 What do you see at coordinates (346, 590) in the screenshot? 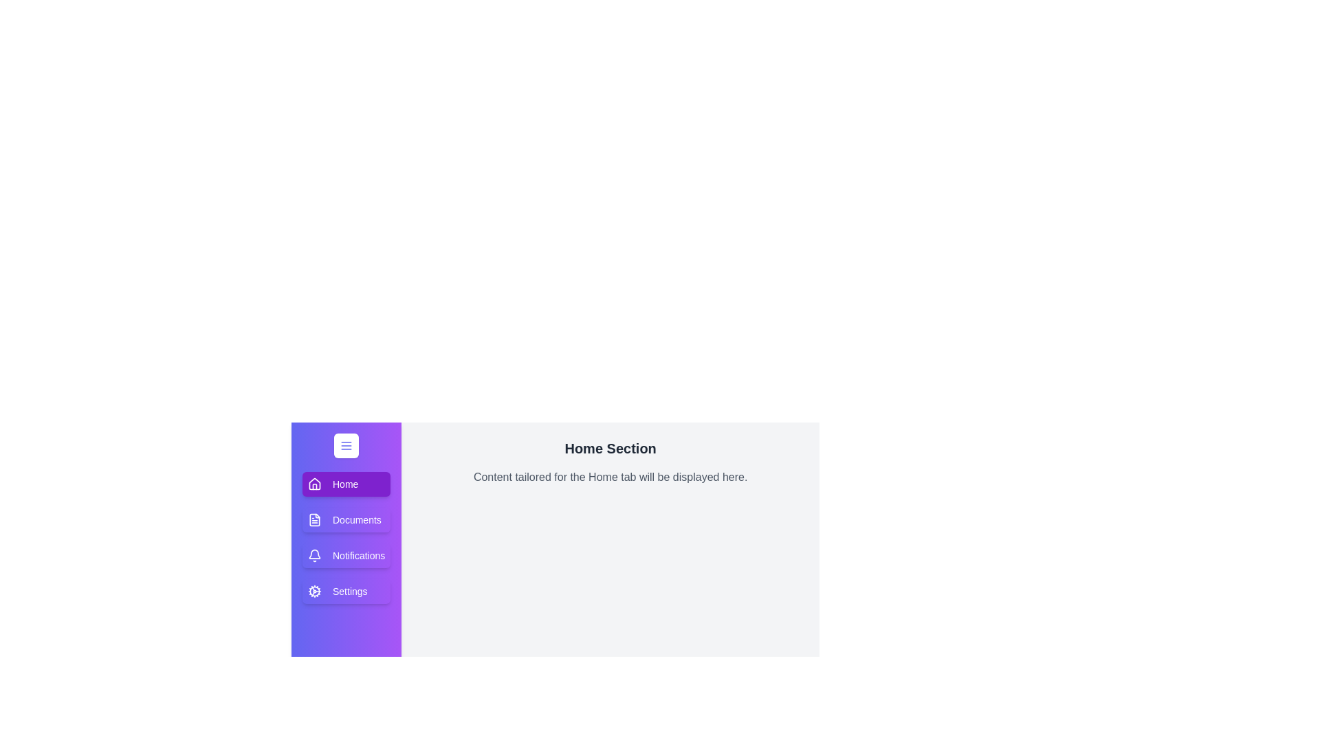
I see `the tab labeled Settings` at bounding box center [346, 590].